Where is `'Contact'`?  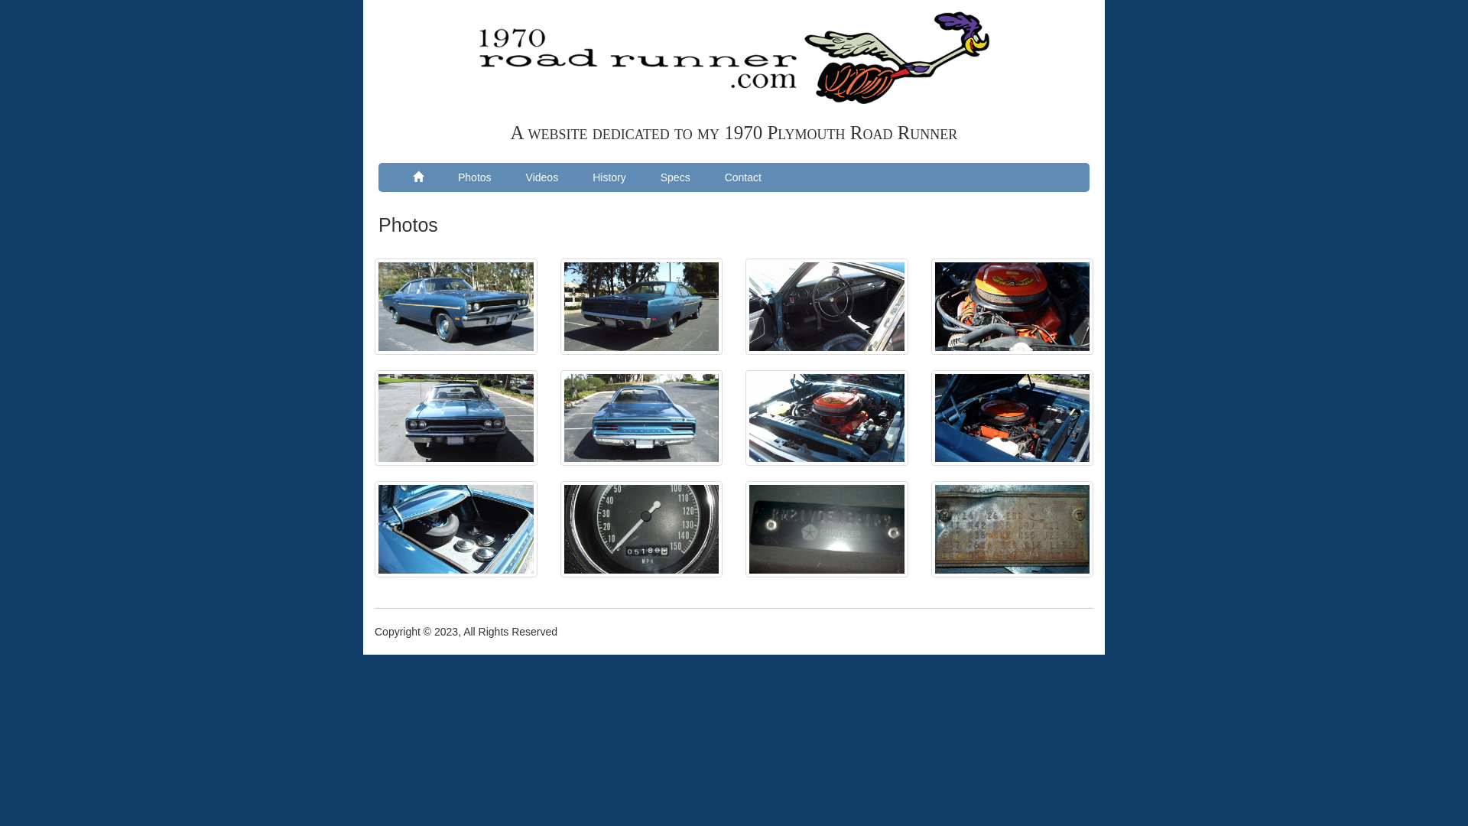 'Contact' is located at coordinates (743, 176).